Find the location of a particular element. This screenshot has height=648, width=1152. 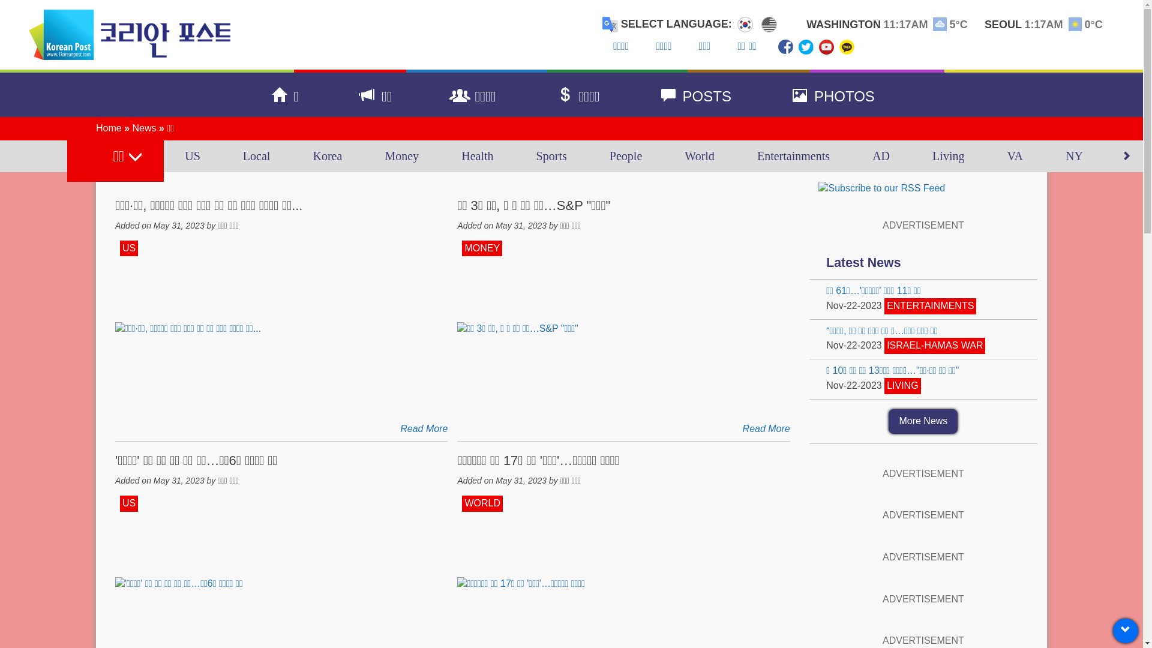

'English' is located at coordinates (757, 23).